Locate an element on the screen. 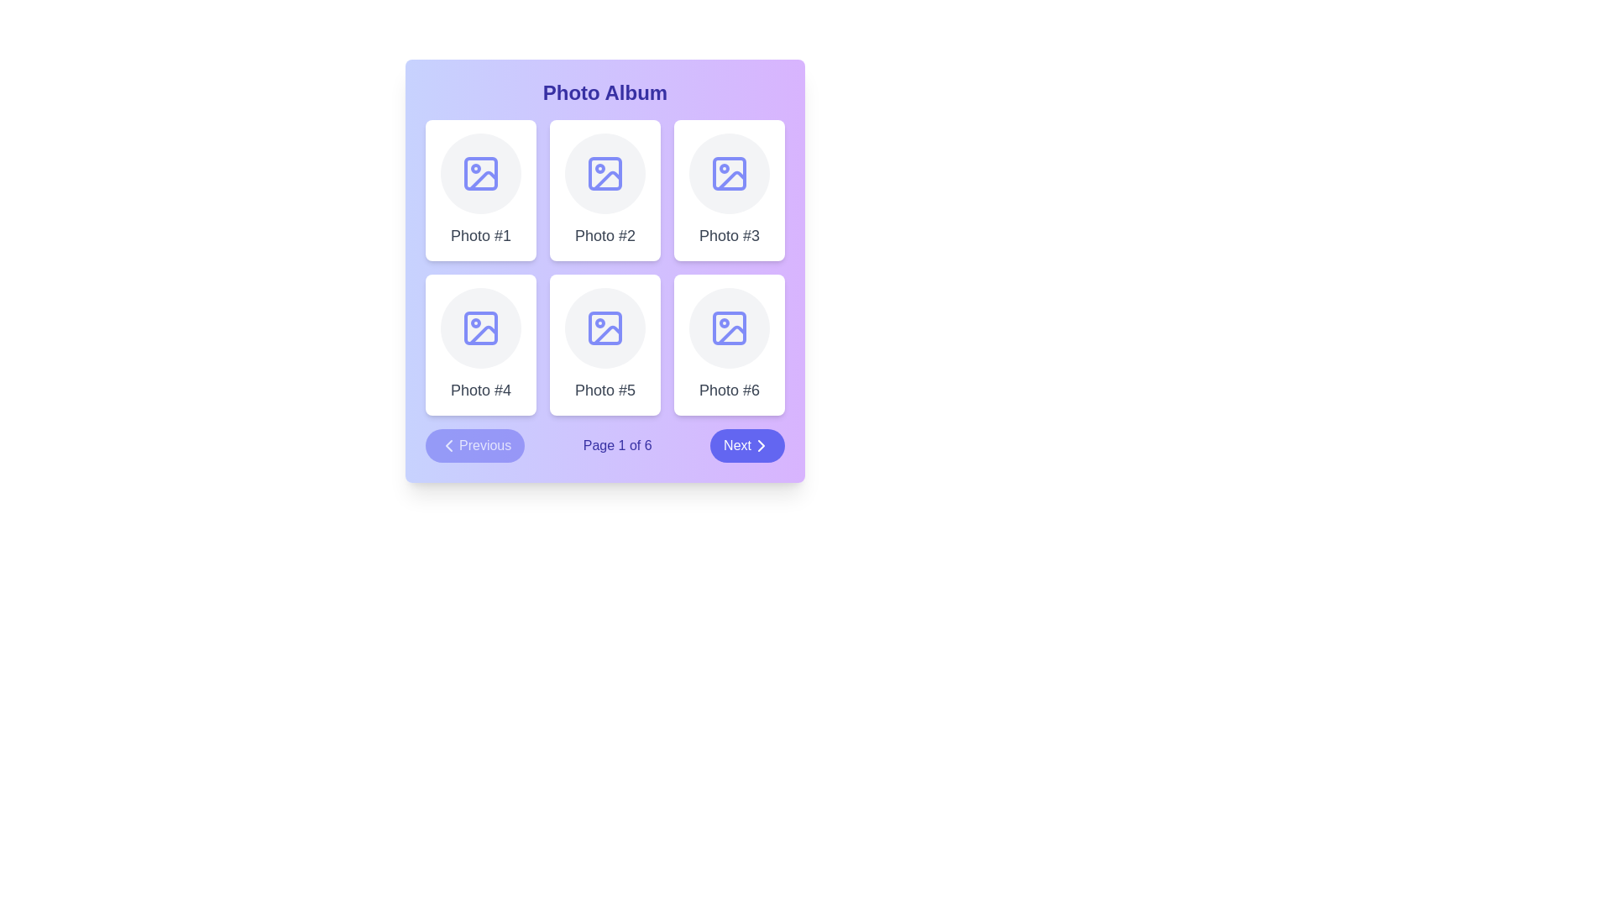  the image placeholder icon located in the third column of the first row within the 'Photo Album' interface is located at coordinates (729, 174).